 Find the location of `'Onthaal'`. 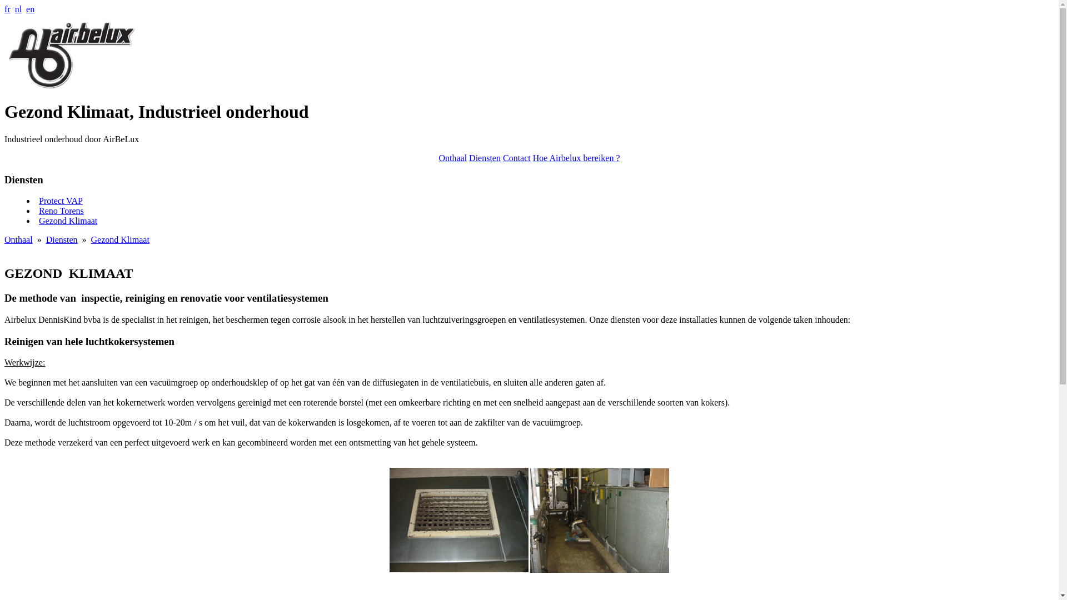

'Onthaal' is located at coordinates (18, 239).